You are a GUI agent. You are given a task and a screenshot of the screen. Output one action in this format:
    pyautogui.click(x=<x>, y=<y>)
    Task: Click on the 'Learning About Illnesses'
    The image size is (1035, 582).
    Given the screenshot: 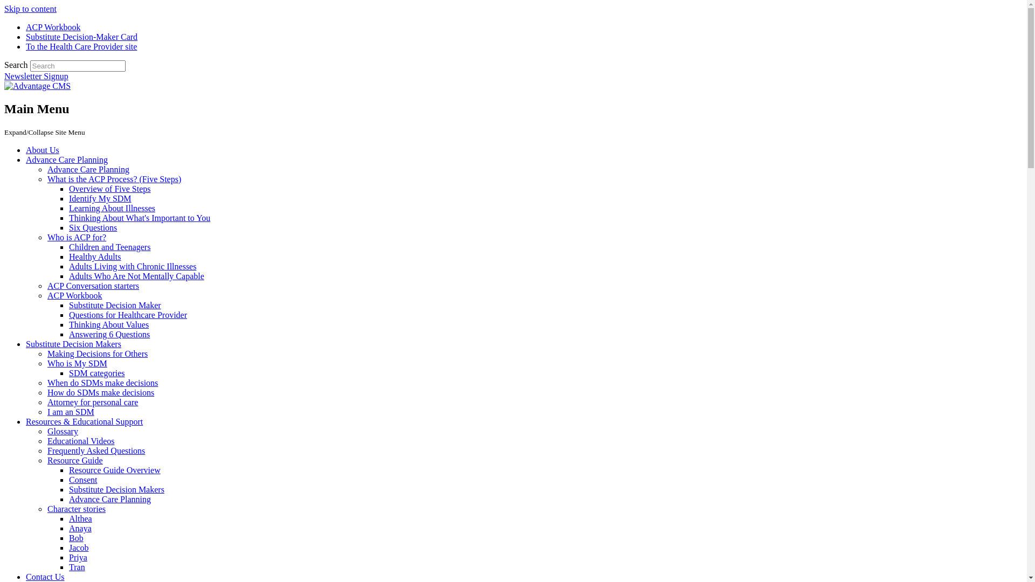 What is the action you would take?
    pyautogui.click(x=112, y=208)
    